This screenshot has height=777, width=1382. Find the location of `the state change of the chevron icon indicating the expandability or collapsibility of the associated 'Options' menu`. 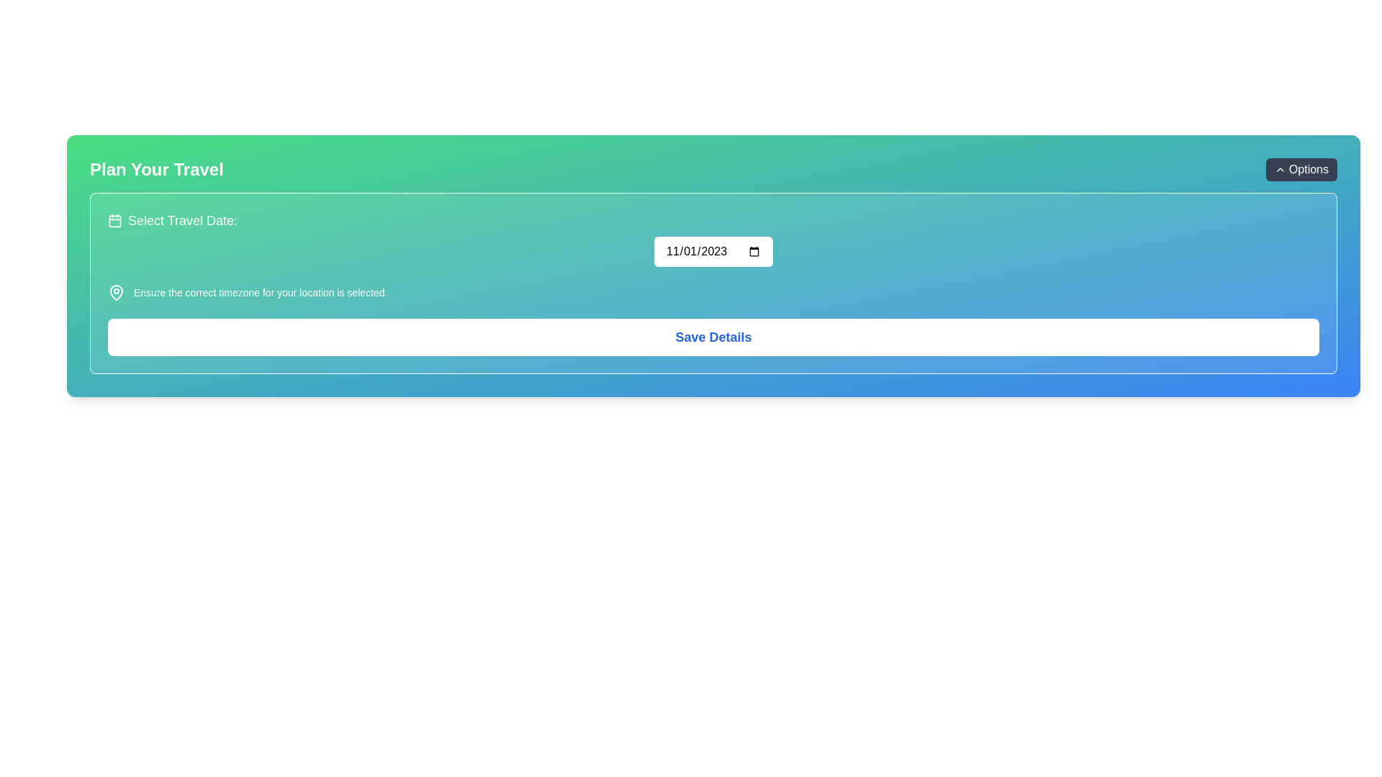

the state change of the chevron icon indicating the expandability or collapsibility of the associated 'Options' menu is located at coordinates (1280, 168).